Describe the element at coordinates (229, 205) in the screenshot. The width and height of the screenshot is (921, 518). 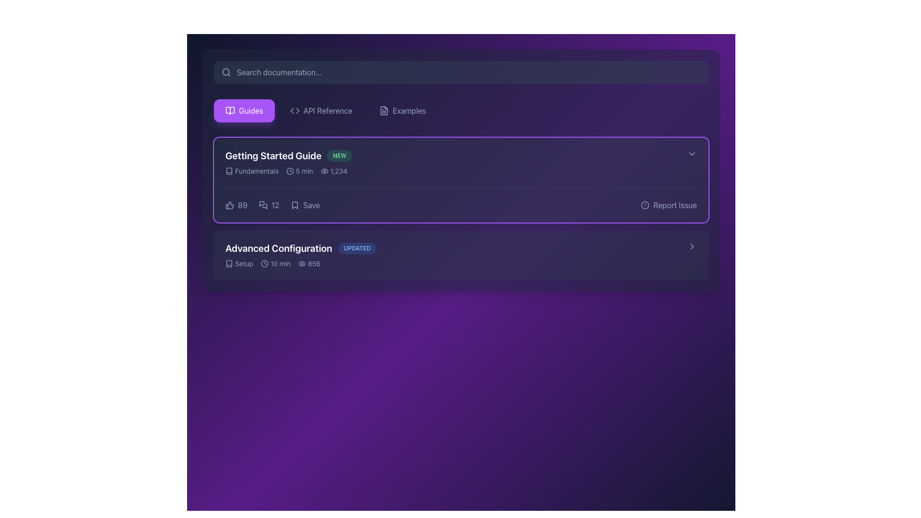
I see `the stylized 'thumbs-up' icon located in the 'Getting Started Guide' section, which is positioned to the immediate left of the number '89'` at that location.